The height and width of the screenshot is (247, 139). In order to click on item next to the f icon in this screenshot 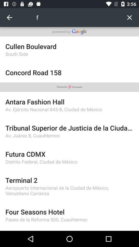, I will do `click(9, 17)`.